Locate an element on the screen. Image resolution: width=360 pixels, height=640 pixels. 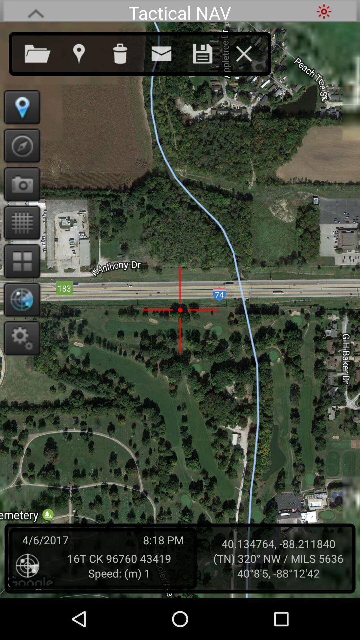
the location icon is located at coordinates (85, 56).